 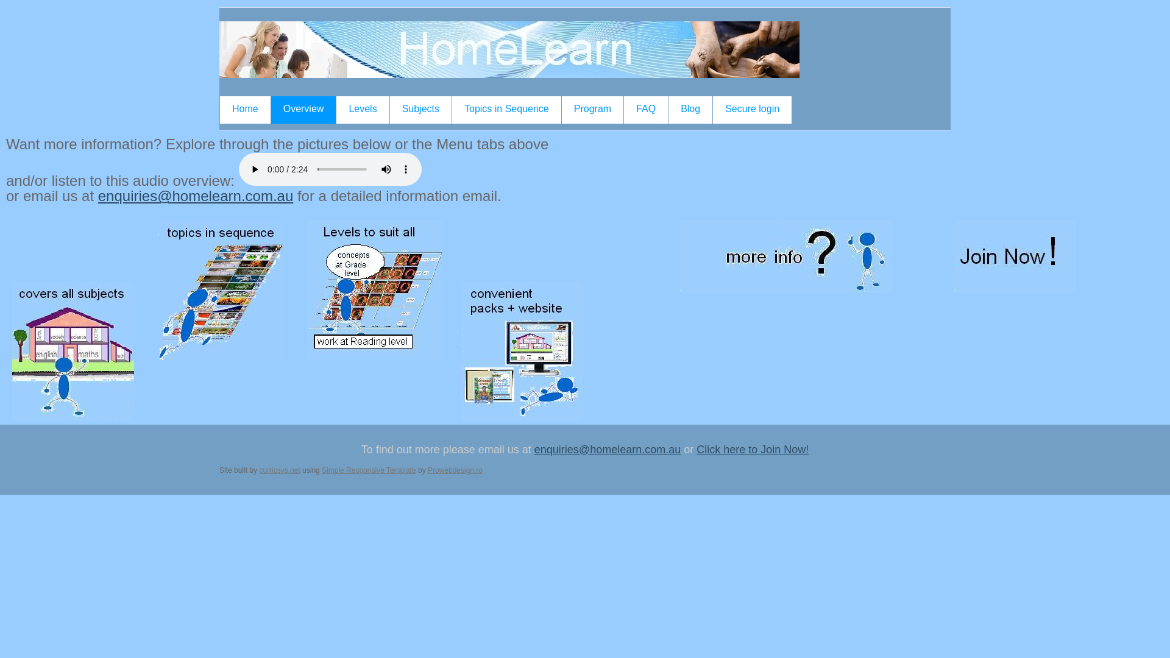 I want to click on 'Levels', so click(x=362, y=110).